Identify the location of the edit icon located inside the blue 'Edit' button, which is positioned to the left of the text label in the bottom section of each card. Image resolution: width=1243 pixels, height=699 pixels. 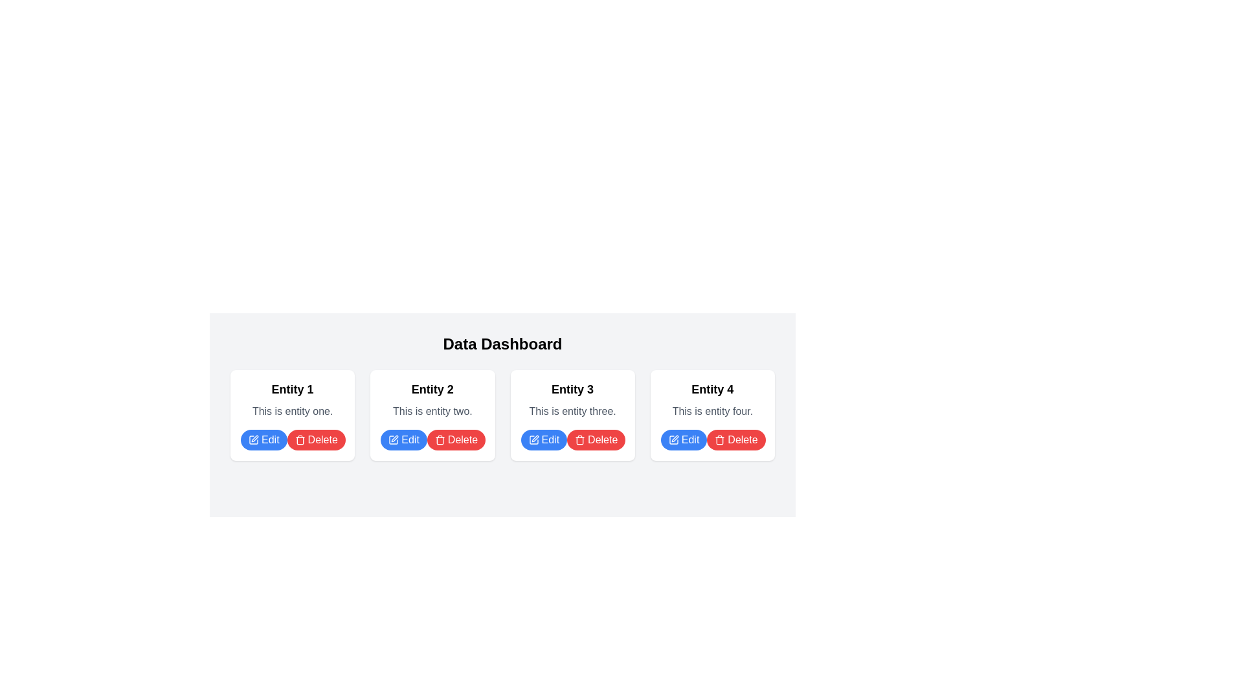
(254, 439).